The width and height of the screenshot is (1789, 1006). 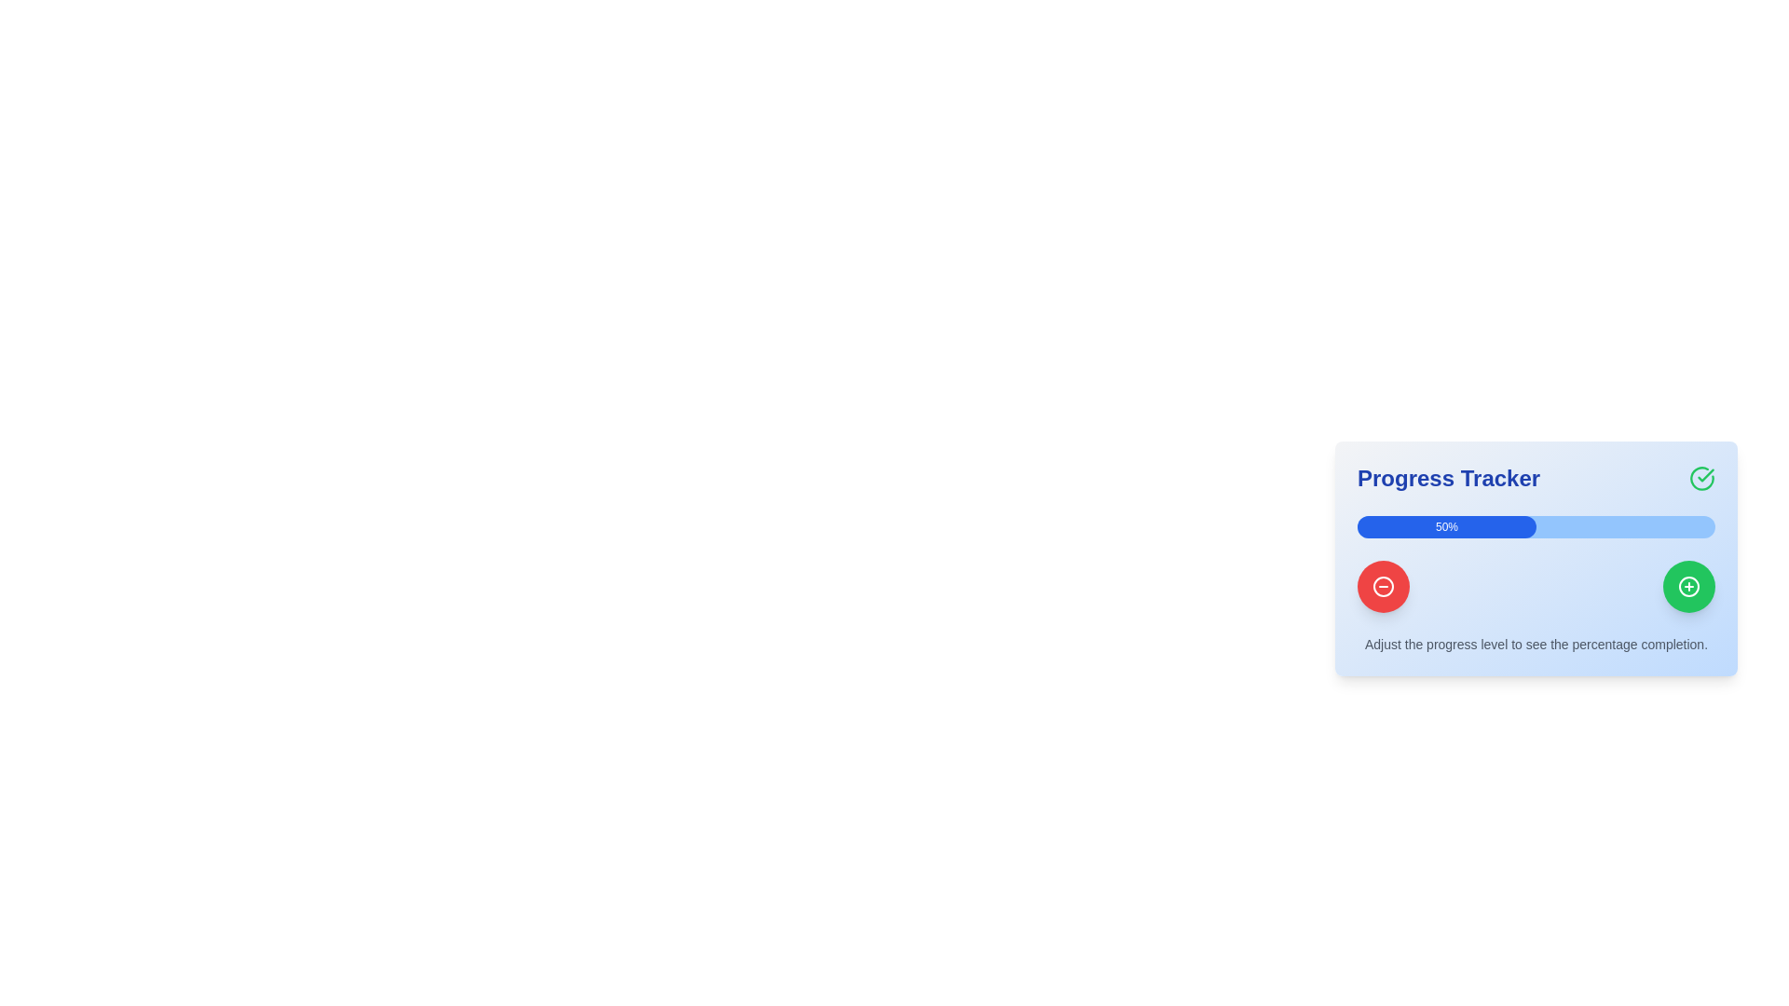 I want to click on arc element of the circular checkmark graphic in the 'Progress Tracker' card located in the top-right corner, so click(x=1702, y=477).